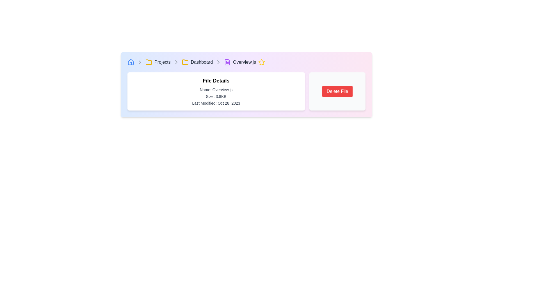 This screenshot has width=539, height=303. I want to click on the right-pointing chevron arrow icon in gray color, located in the breadcrumb navigation bar between 'Projects' and 'Dashboard', so click(176, 62).